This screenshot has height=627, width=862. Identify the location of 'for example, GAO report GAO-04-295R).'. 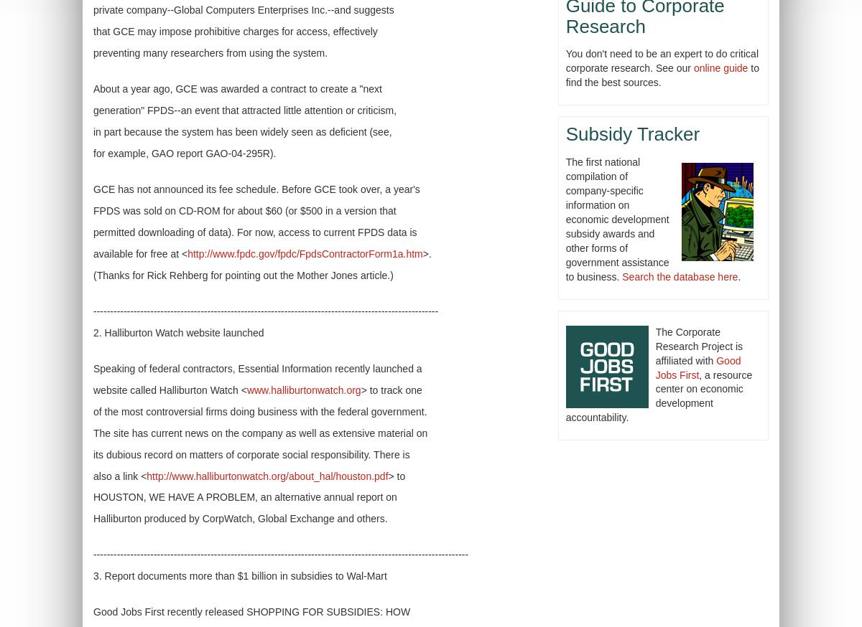
(184, 151).